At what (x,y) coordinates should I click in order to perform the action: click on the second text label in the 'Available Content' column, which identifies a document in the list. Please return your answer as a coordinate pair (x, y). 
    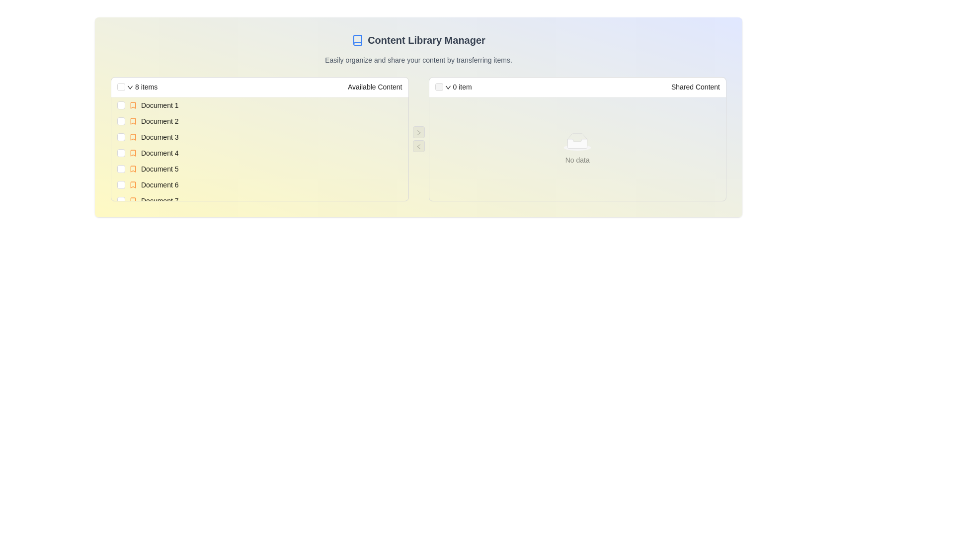
    Looking at the image, I should click on (159, 120).